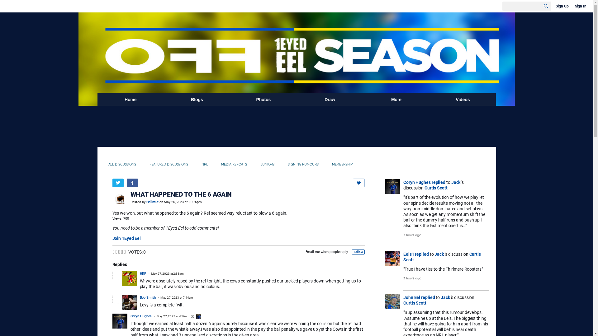 The image size is (598, 336). Describe the element at coordinates (329, 99) in the screenshot. I see `'Draw'` at that location.